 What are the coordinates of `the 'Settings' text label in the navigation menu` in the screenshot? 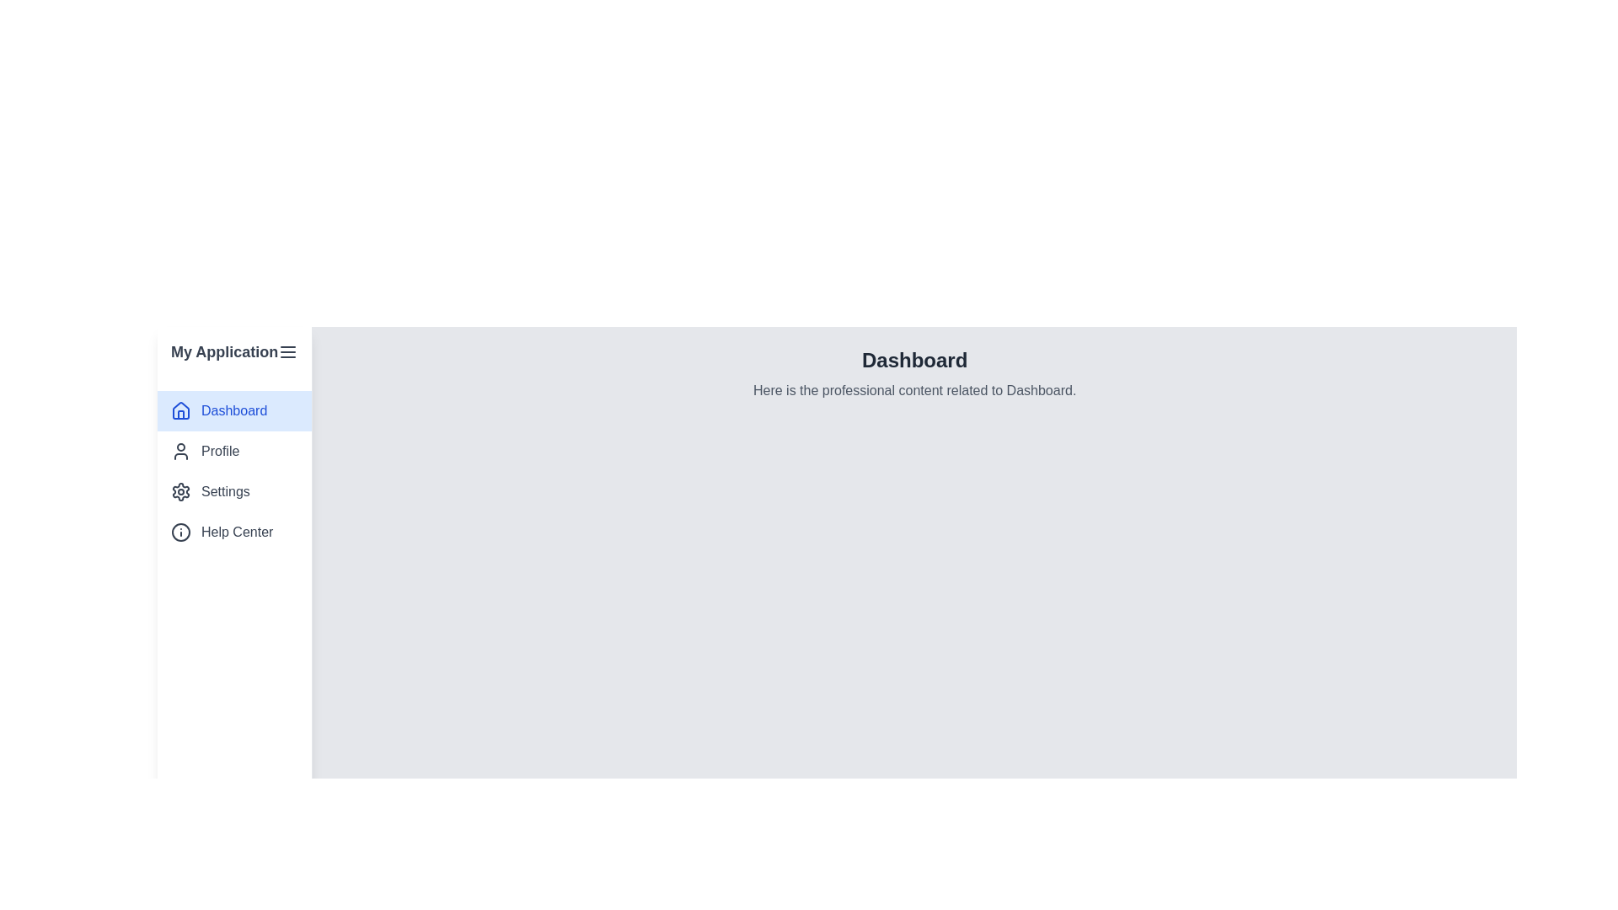 It's located at (224, 491).